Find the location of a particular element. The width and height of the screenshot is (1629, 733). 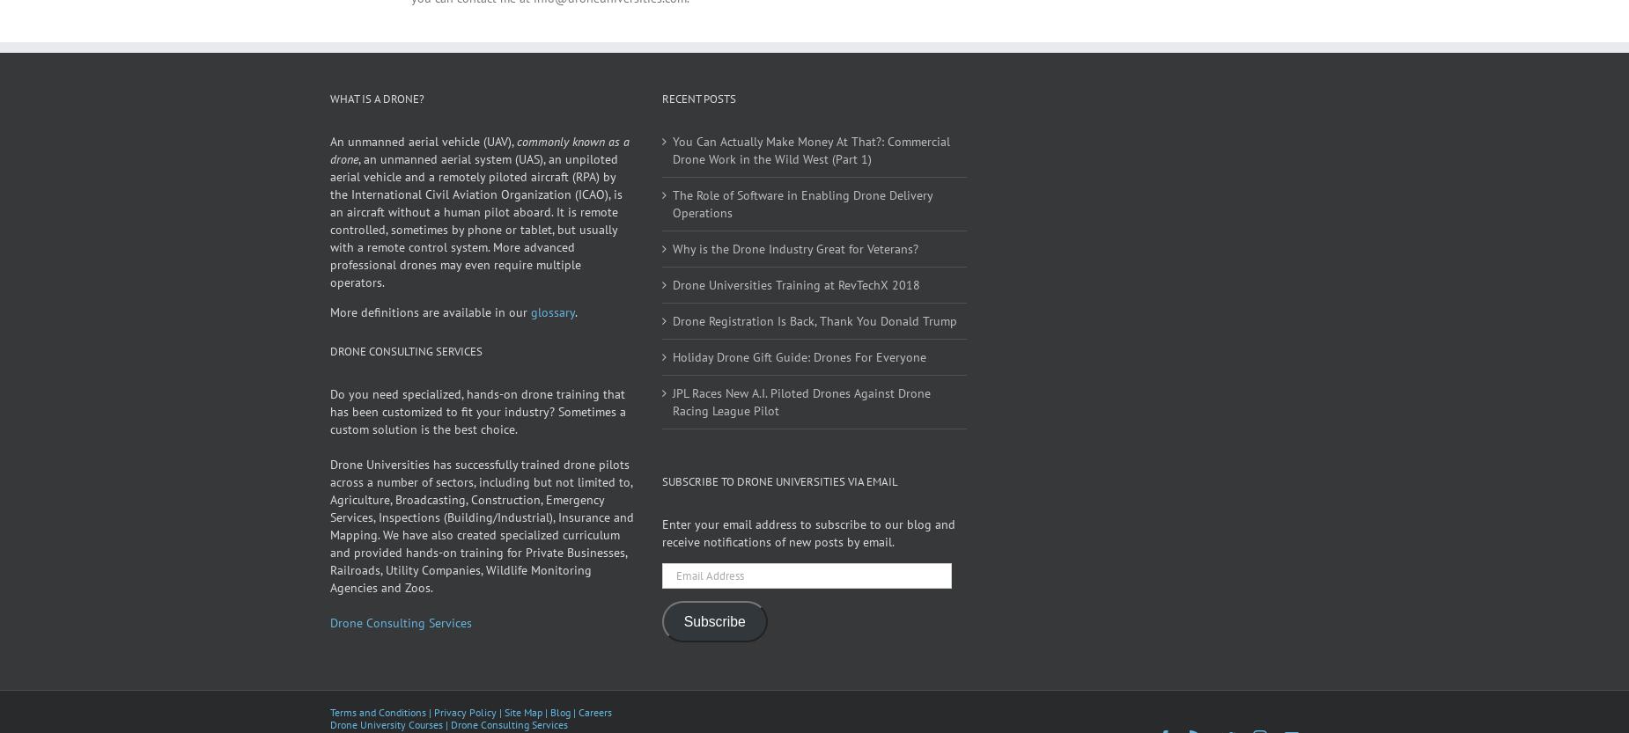

'Recent Posts' is located at coordinates (660, 122).